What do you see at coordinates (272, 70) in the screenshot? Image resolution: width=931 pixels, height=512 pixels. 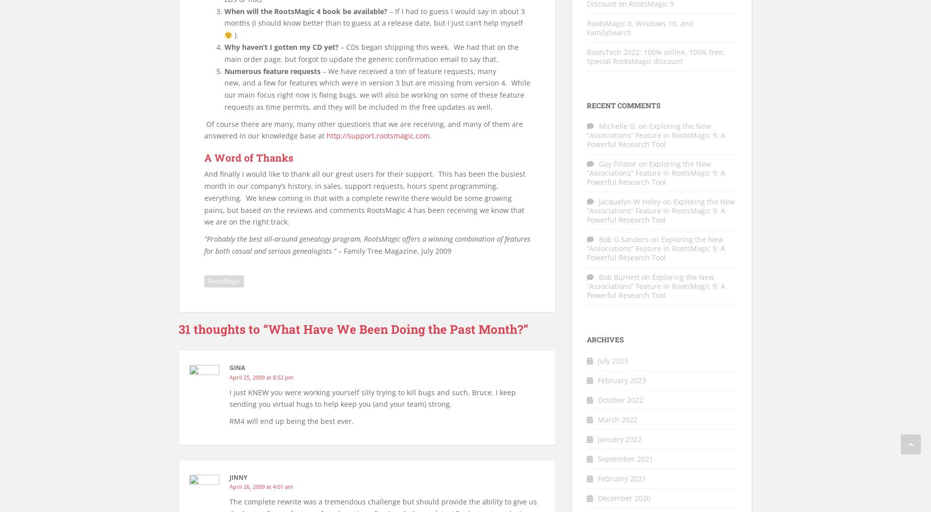 I see `'Numerous feature requests'` at bounding box center [272, 70].